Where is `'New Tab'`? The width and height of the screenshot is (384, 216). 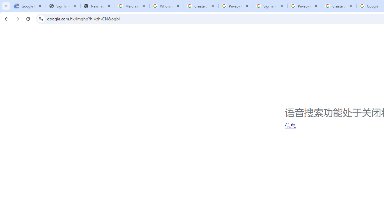 'New Tab' is located at coordinates (97, 6).